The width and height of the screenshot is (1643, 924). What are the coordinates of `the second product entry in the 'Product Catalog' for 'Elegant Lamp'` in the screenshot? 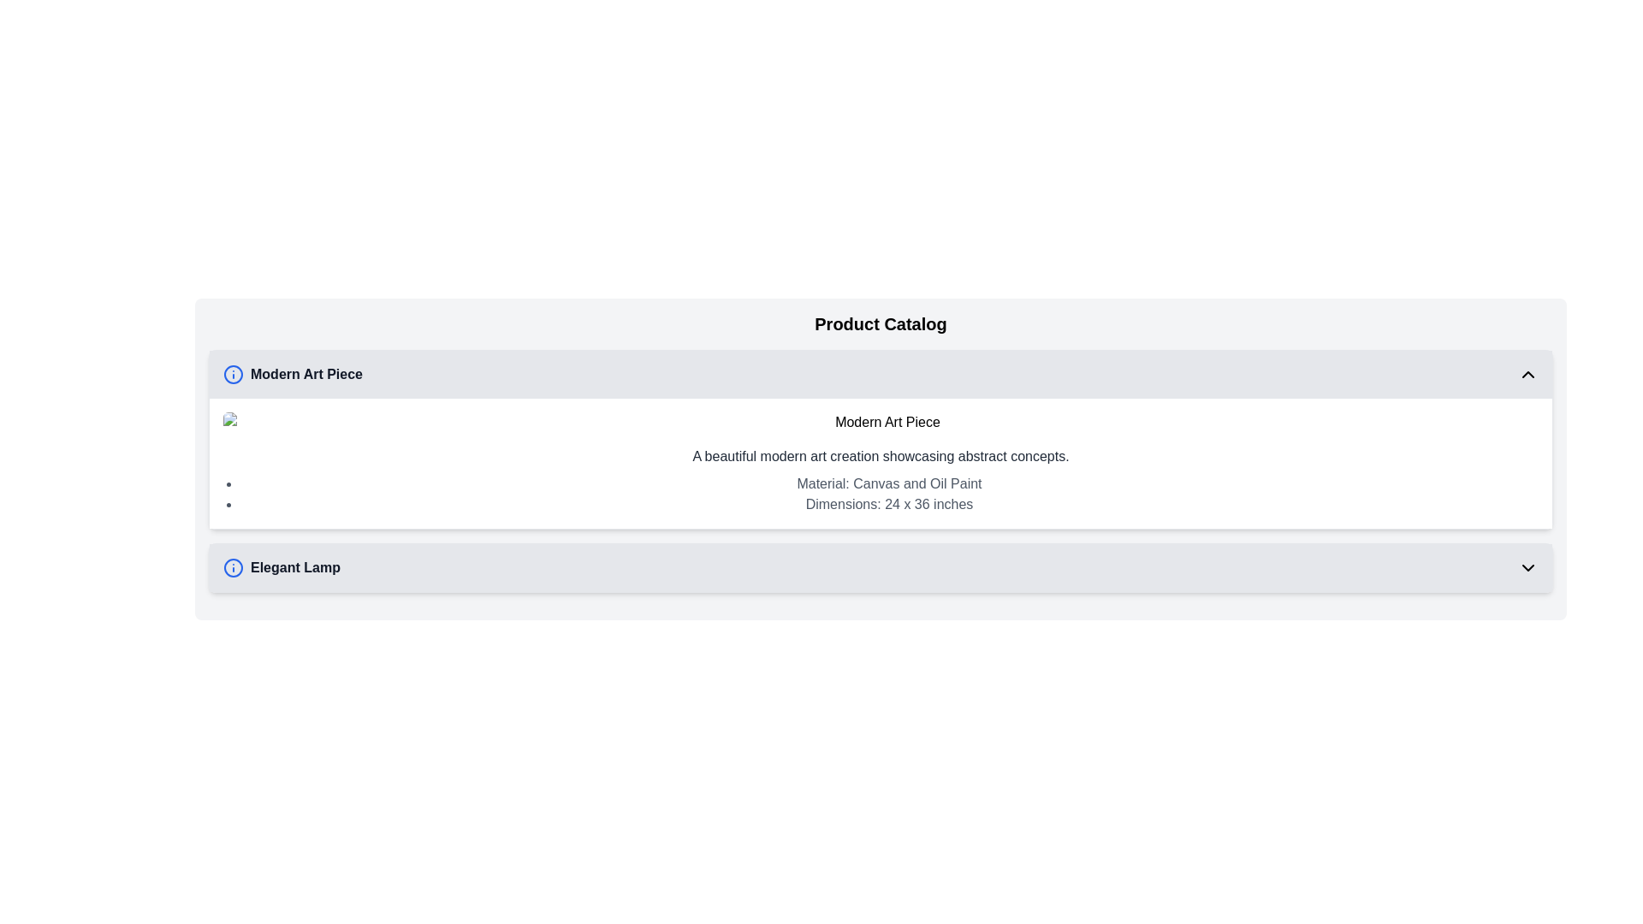 It's located at (881, 567).